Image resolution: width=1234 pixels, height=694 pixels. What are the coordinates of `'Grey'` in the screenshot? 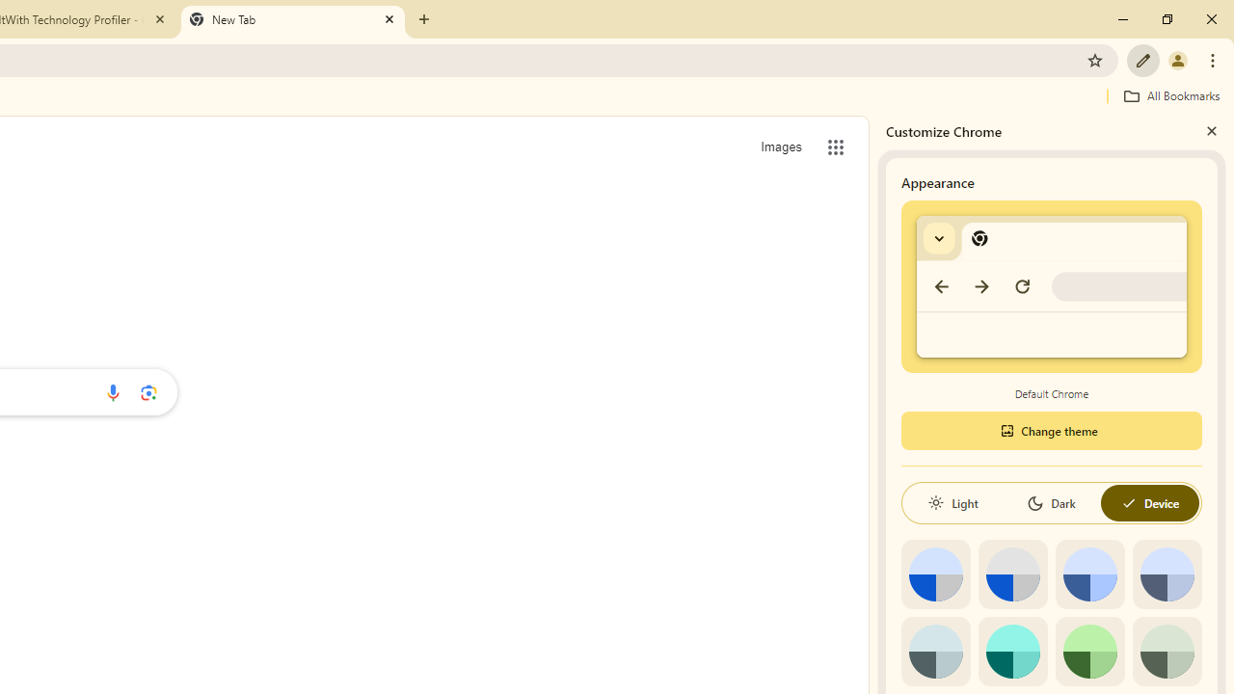 It's located at (935, 651).